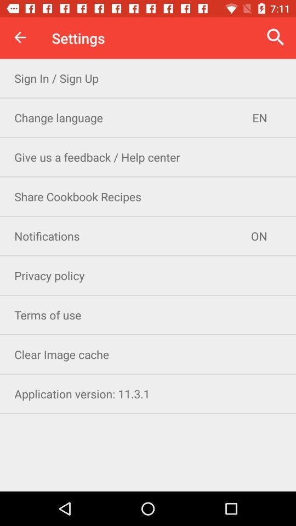  I want to click on the terms of use, so click(148, 315).